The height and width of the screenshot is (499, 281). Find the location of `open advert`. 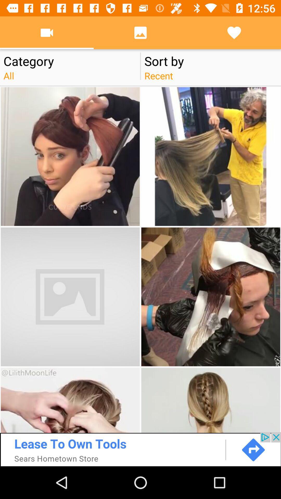

open advert is located at coordinates (140, 449).